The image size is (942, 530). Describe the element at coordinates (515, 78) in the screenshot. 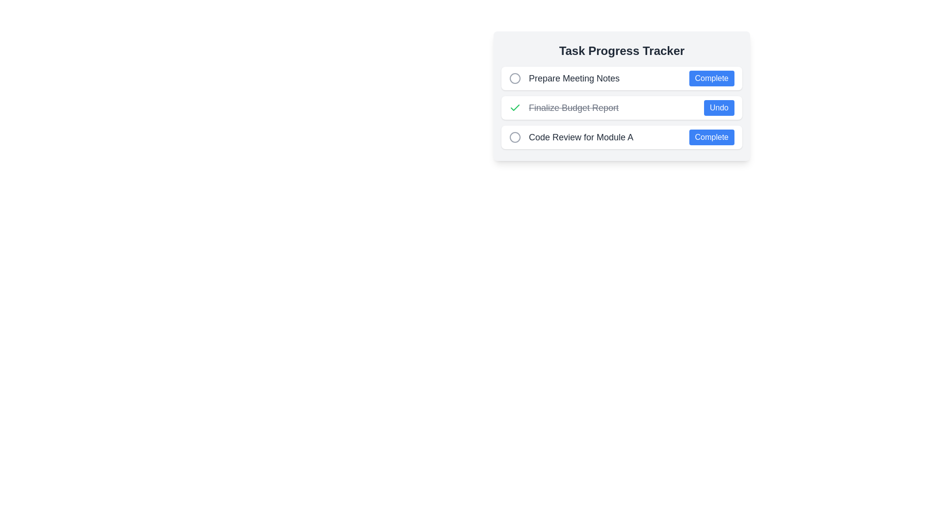

I see `the inner circular component of the SVG icon for the task 'Prepare Meeting Notes' in the task progress tracker` at that location.